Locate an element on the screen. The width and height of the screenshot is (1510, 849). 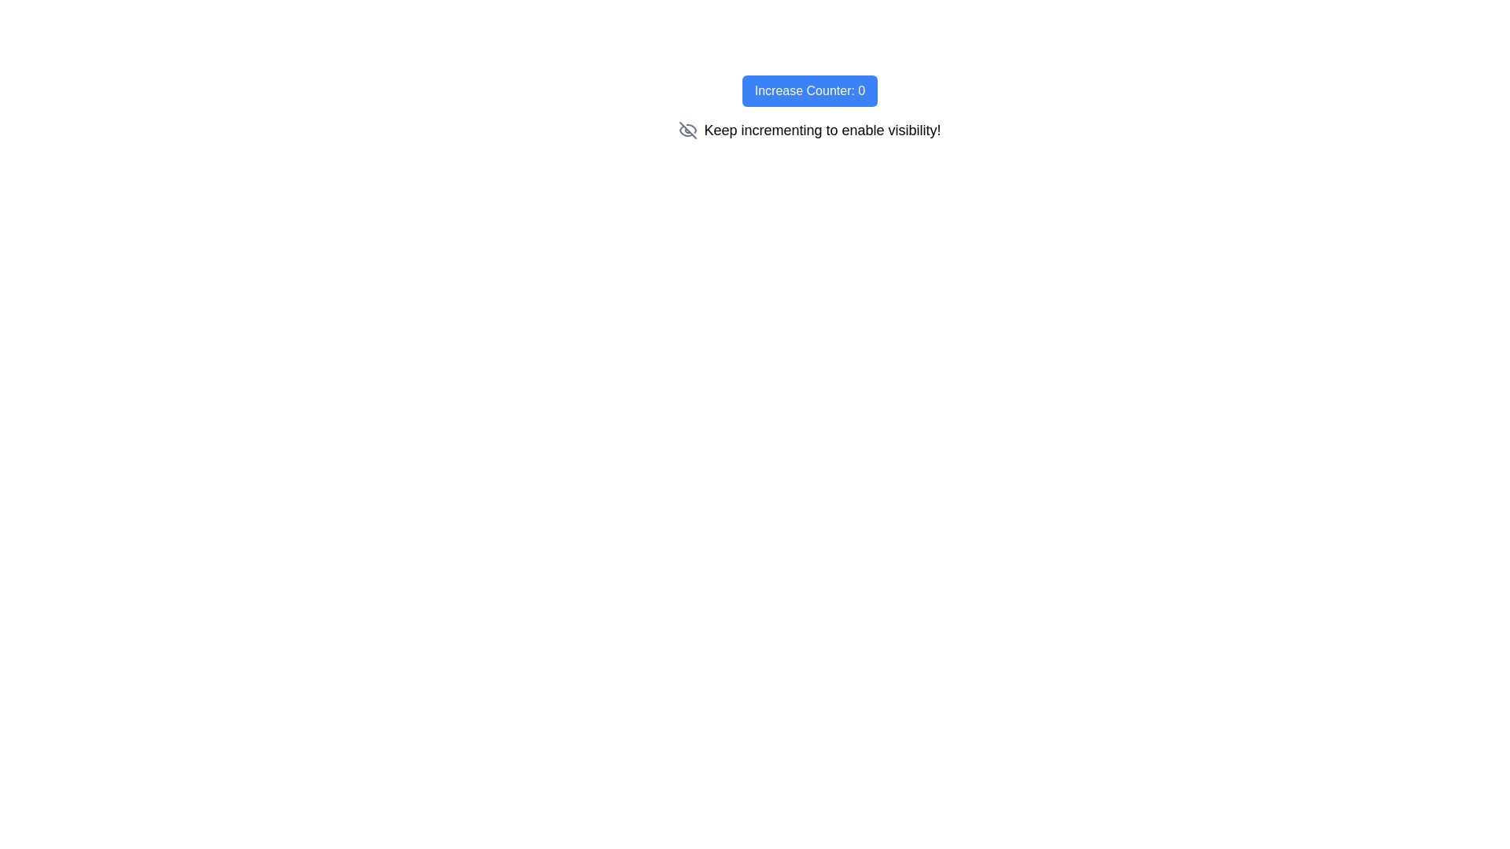
the eye-off icon, which indicates hidden content, located to the left of the text 'Keep incrementing is located at coordinates (688, 129).